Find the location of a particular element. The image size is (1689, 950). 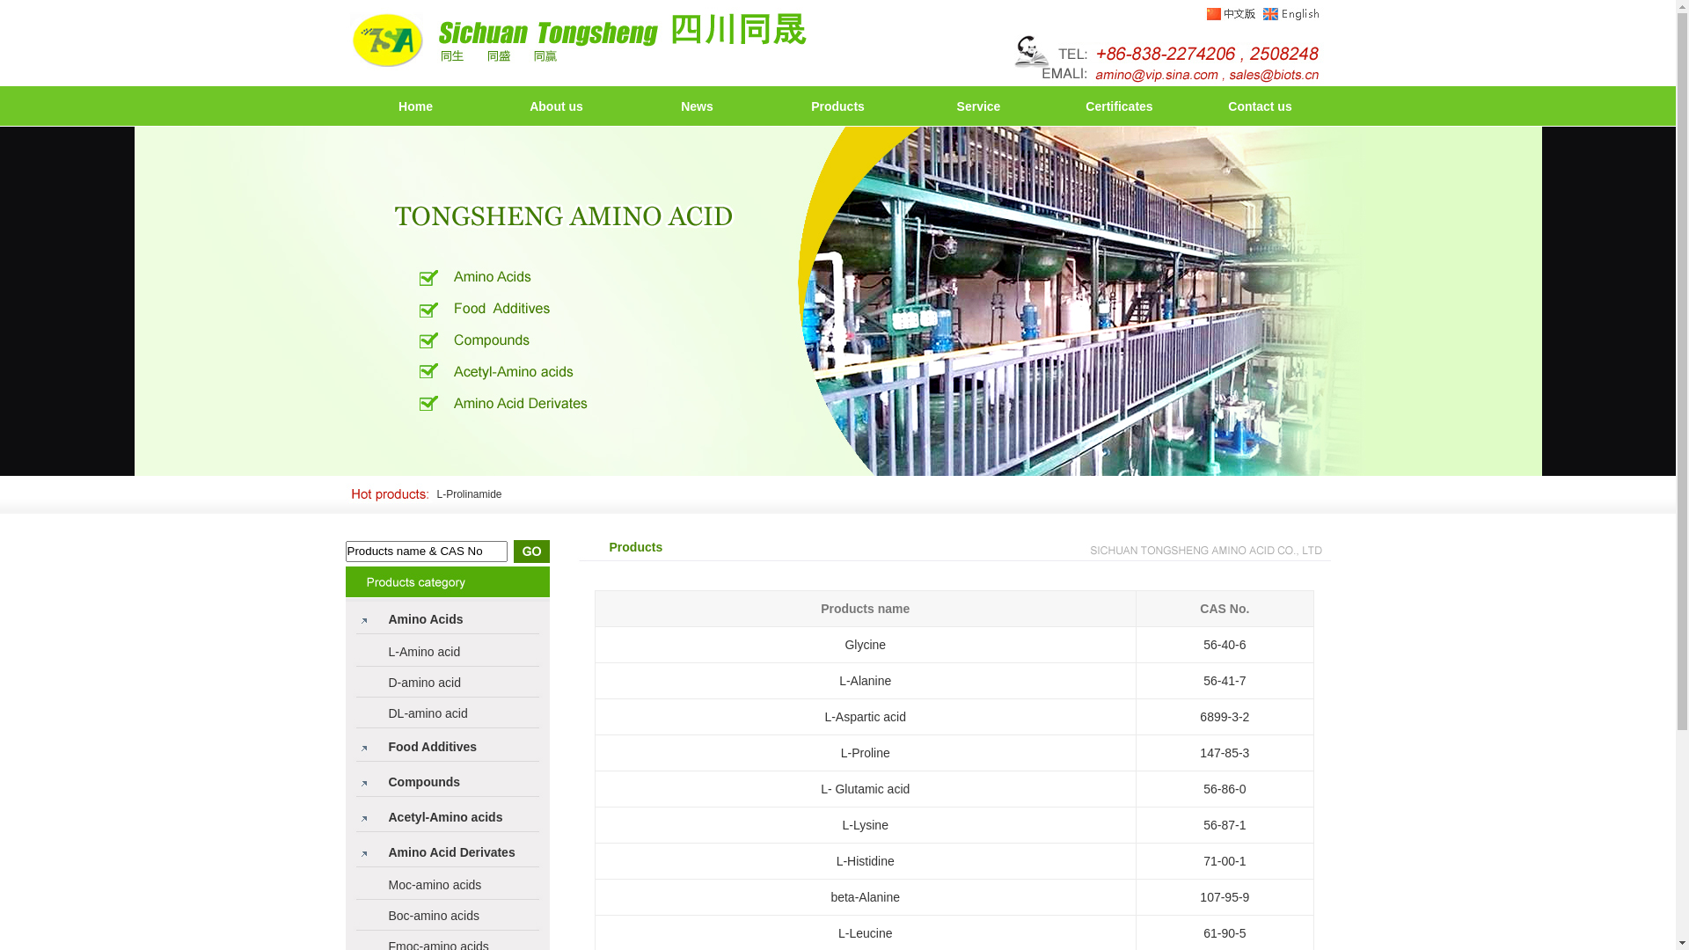

'D-amino acid' is located at coordinates (425, 681).